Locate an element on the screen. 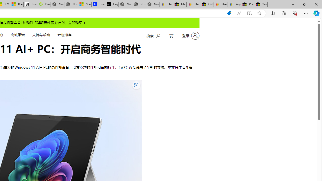 This screenshot has height=181, width=322. 'Nordace - Summer Adventures 2024' is located at coordinates (57, 4).